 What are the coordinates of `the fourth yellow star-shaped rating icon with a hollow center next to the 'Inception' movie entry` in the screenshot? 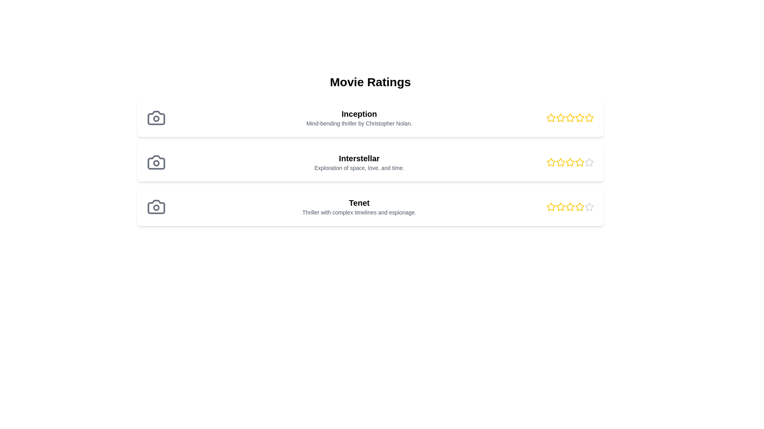 It's located at (580, 118).